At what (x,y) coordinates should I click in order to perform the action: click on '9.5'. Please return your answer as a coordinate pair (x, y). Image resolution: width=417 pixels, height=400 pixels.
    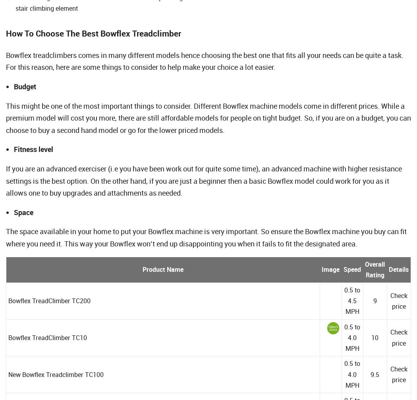
    Looking at the image, I should click on (374, 374).